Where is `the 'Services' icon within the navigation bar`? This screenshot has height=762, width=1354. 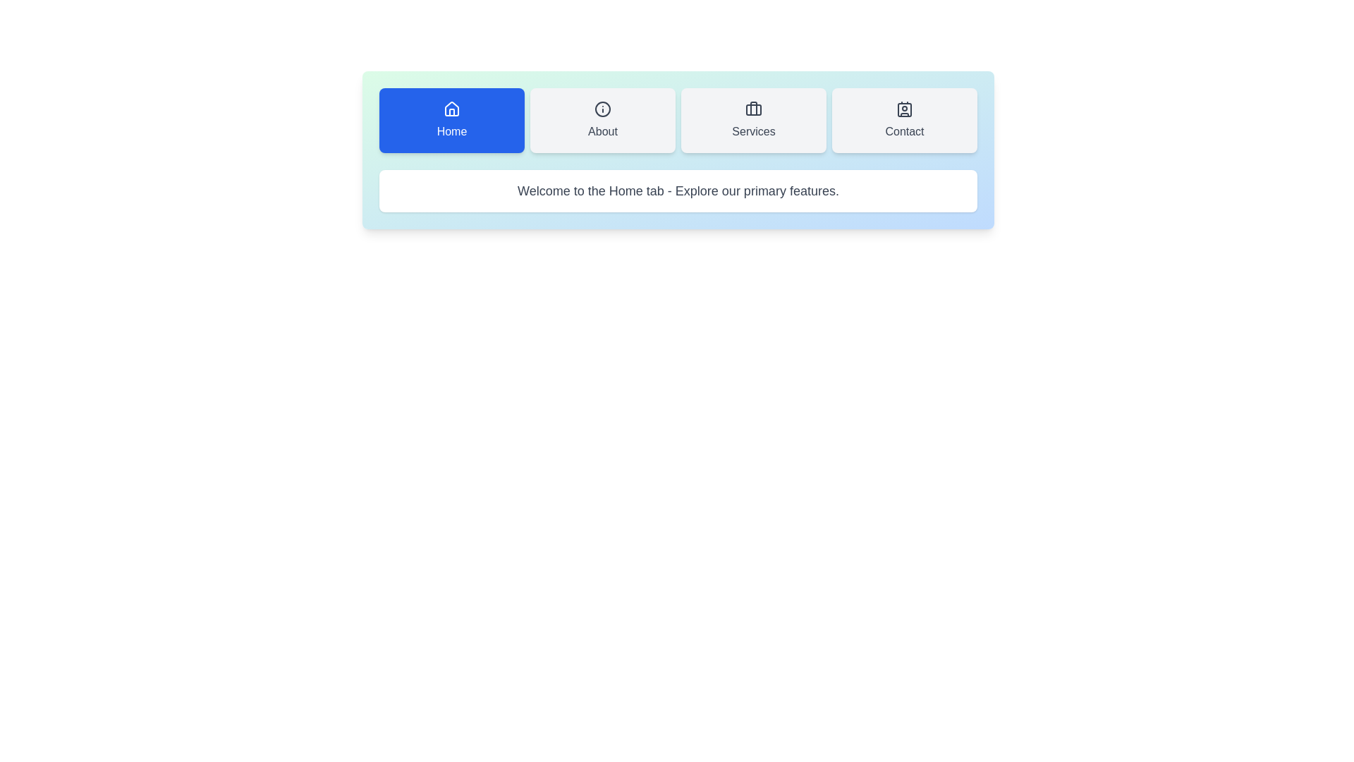 the 'Services' icon within the navigation bar is located at coordinates (753, 108).